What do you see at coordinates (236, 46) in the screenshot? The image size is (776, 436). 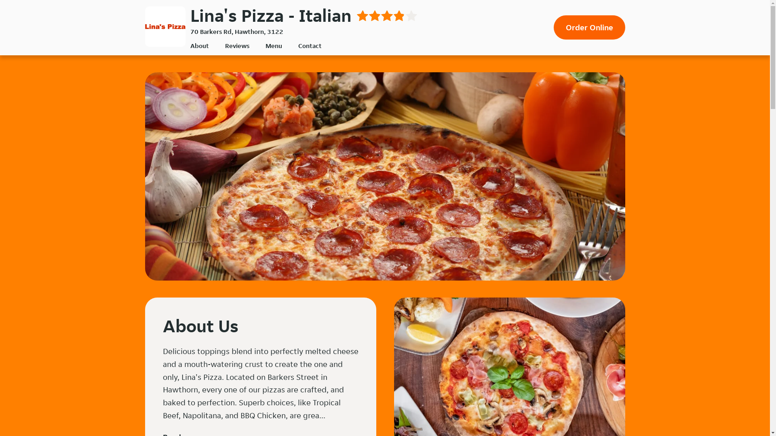 I see `'Reviews'` at bounding box center [236, 46].